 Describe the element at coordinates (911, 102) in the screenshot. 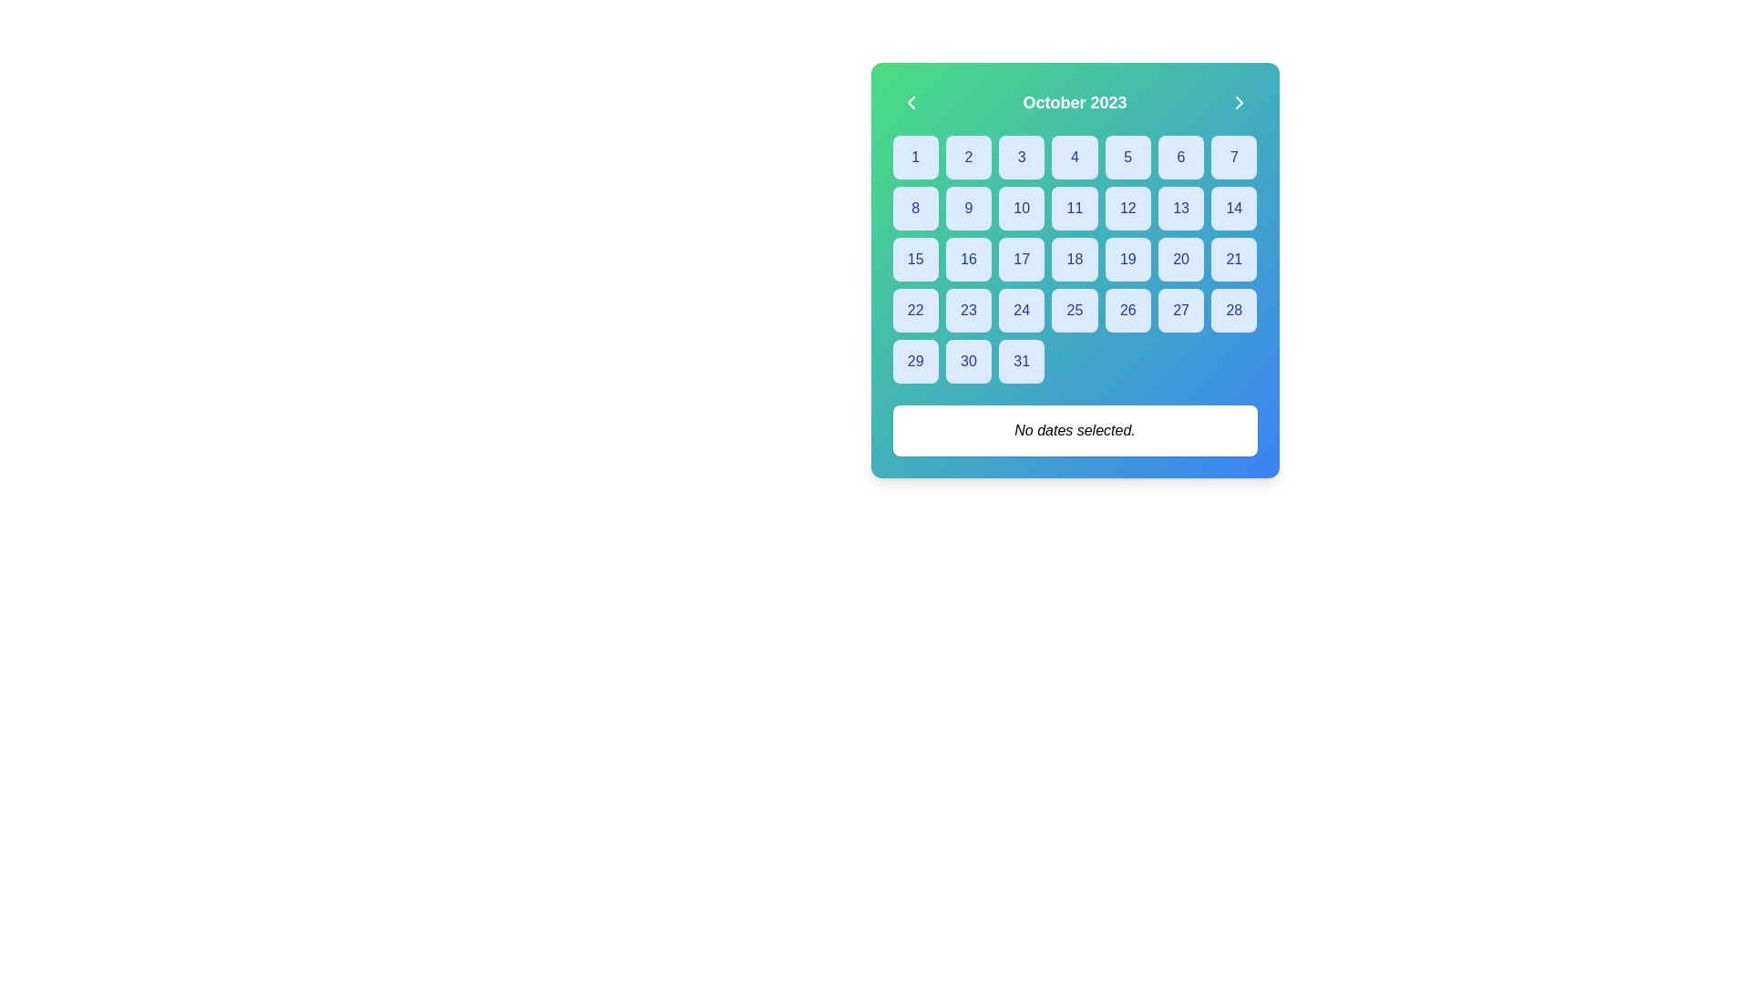

I see `the left-arrow icon near the top-left corner of the calendar interface` at that location.